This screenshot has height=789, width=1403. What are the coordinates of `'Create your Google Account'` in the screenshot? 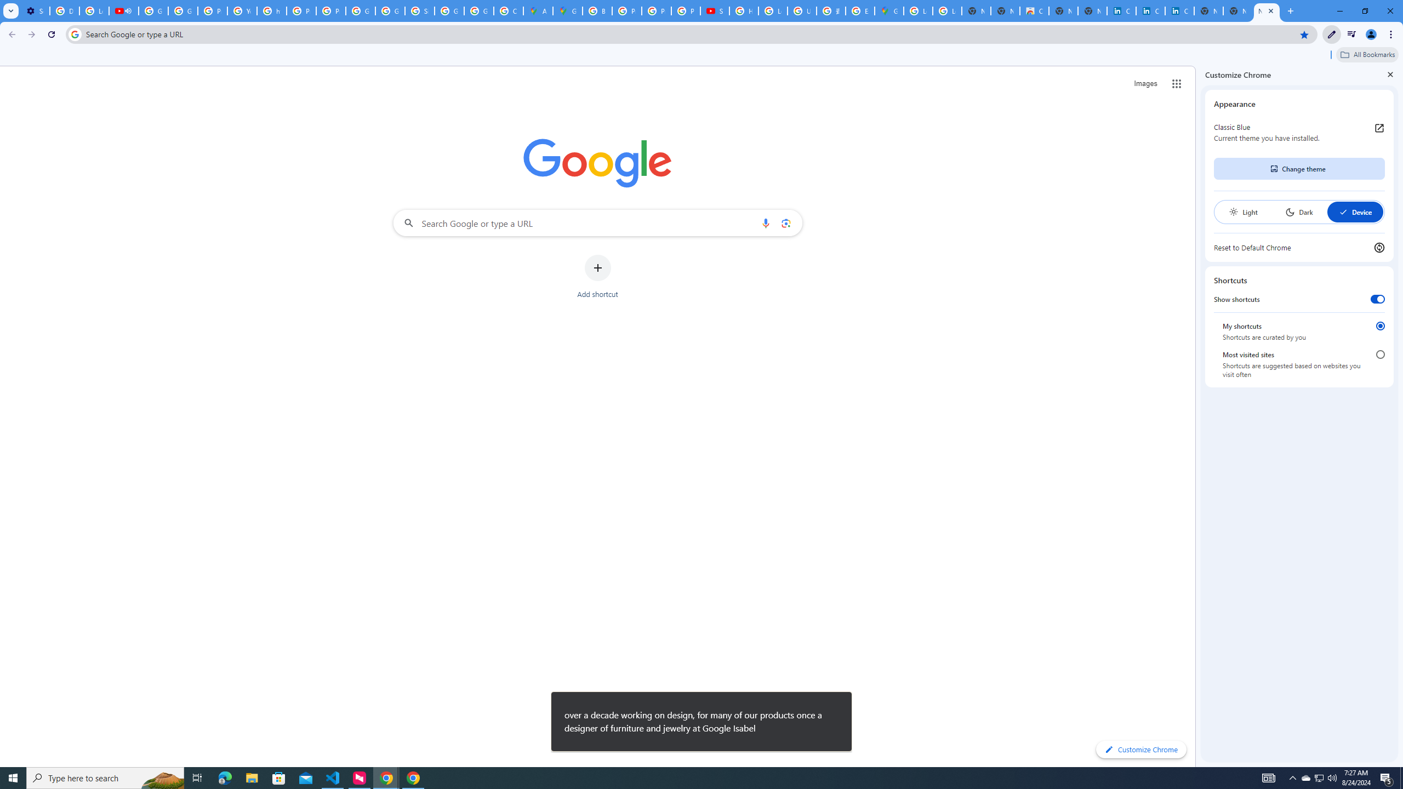 It's located at (509, 10).